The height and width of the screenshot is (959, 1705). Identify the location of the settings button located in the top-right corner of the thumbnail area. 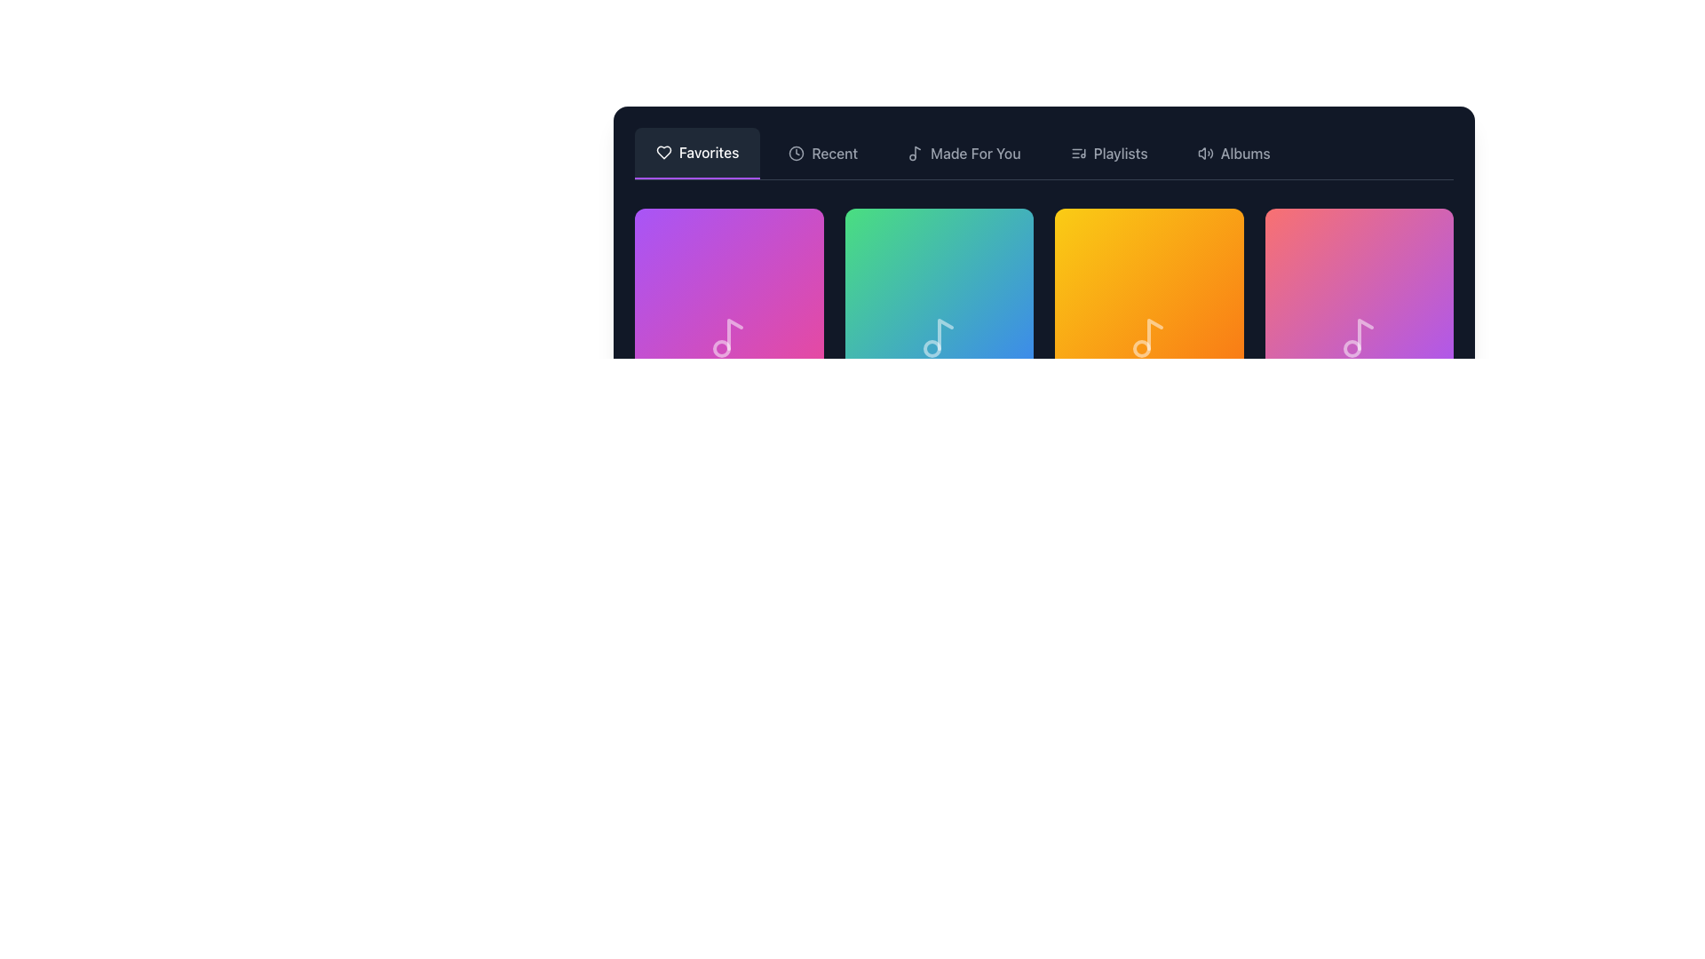
(1005, 235).